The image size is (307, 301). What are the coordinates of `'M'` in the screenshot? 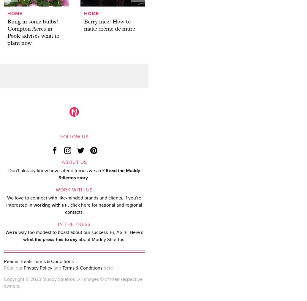 It's located at (74, 112).